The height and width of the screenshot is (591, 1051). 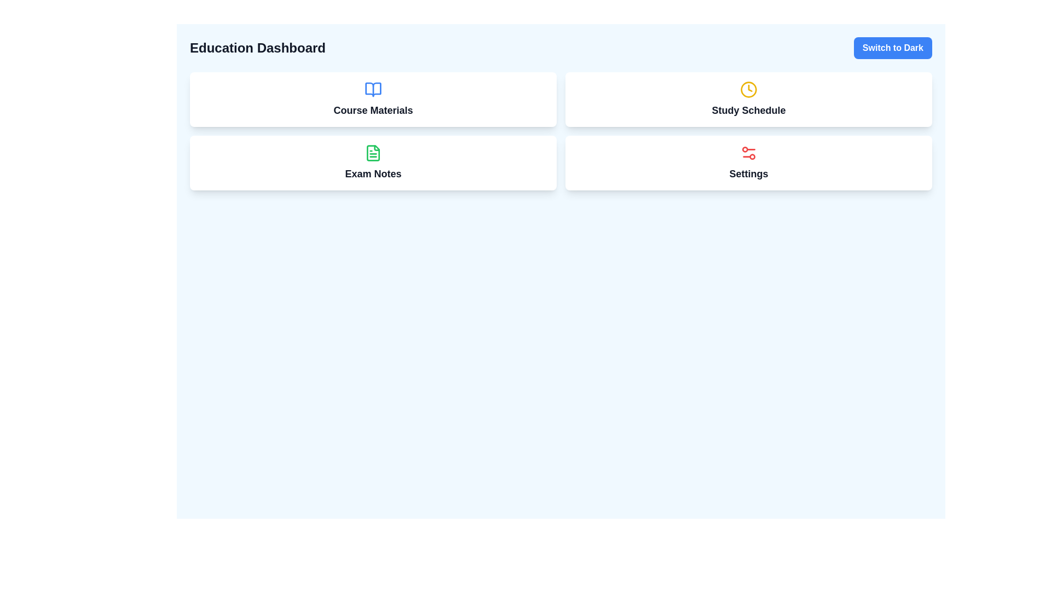 I want to click on the decorative graphical UI component of the clock icon located in the 'Study Schedule' feature box, so click(x=748, y=89).